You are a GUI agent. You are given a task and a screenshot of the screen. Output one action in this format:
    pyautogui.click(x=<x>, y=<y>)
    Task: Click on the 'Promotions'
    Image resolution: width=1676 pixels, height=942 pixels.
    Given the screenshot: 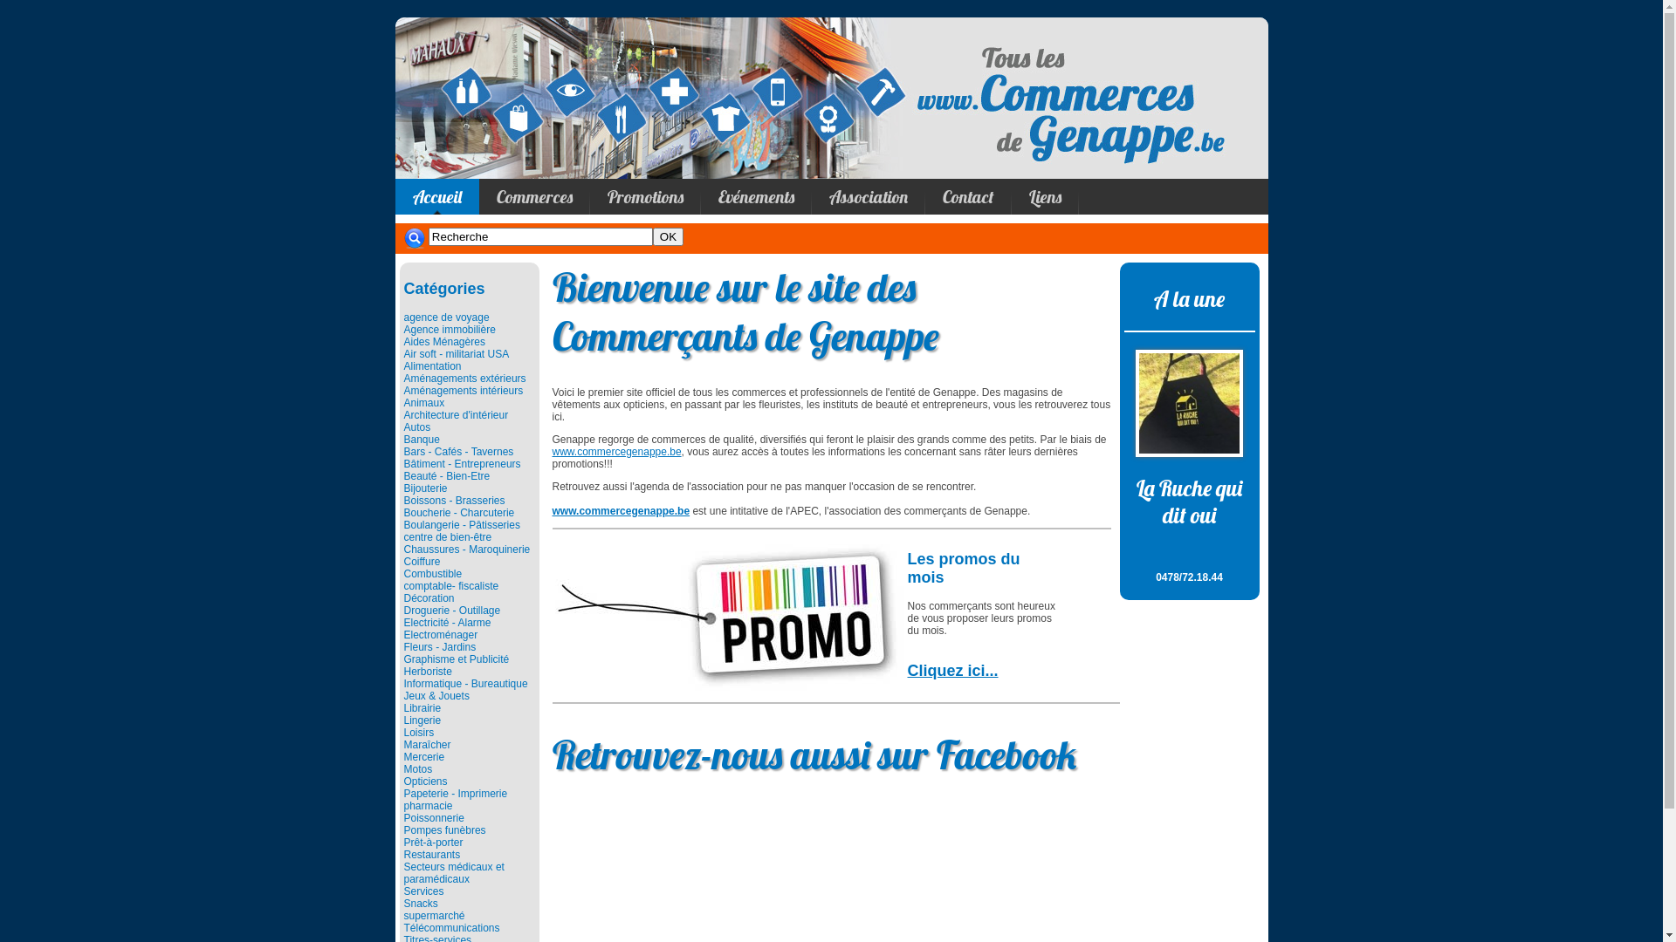 What is the action you would take?
    pyautogui.click(x=644, y=196)
    